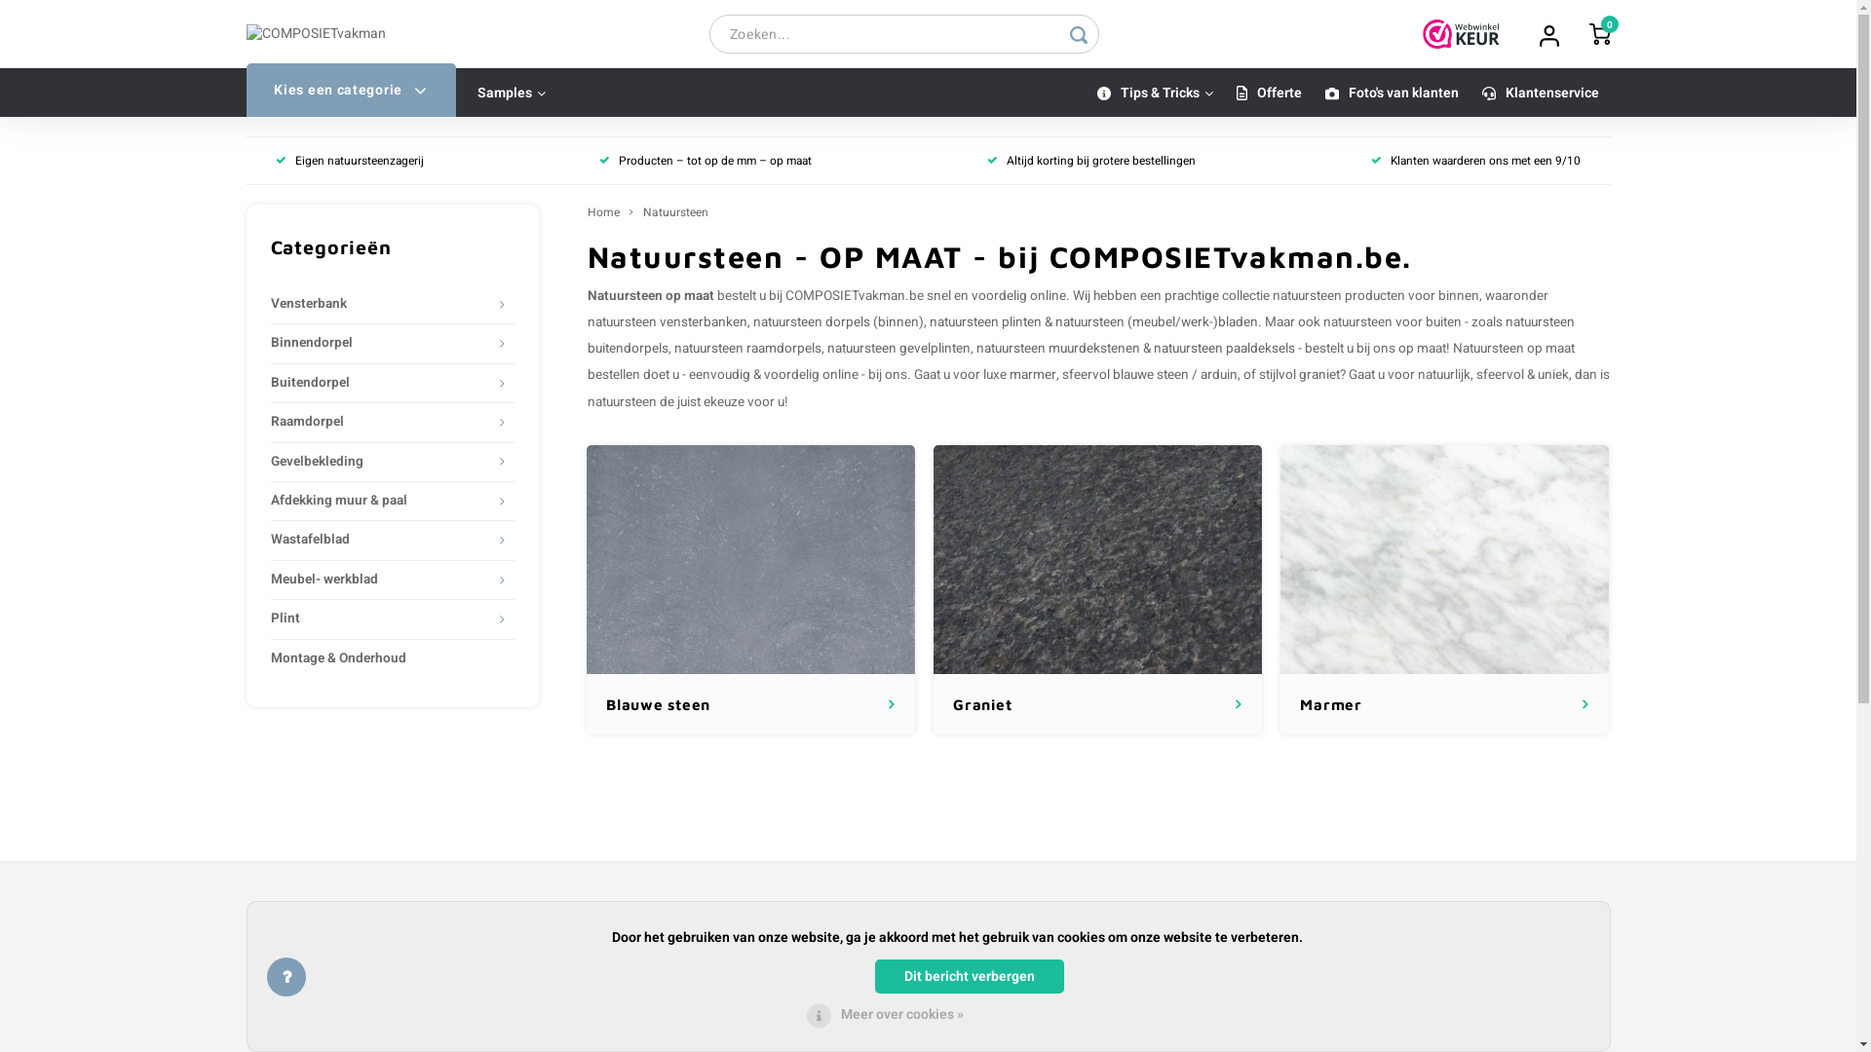 The height and width of the screenshot is (1052, 1871). Describe the element at coordinates (380, 342) in the screenshot. I see `'Binnendorpel'` at that location.